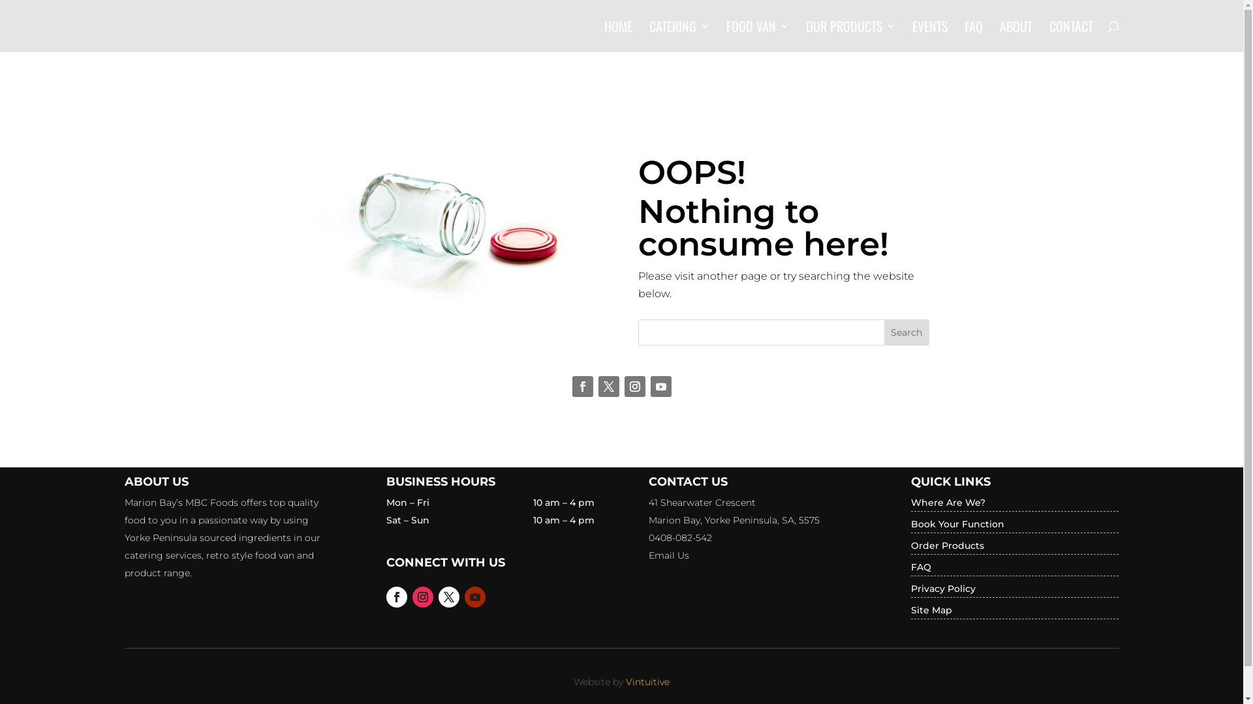 This screenshot has height=704, width=1253. What do you see at coordinates (931, 610) in the screenshot?
I see `'Site Map'` at bounding box center [931, 610].